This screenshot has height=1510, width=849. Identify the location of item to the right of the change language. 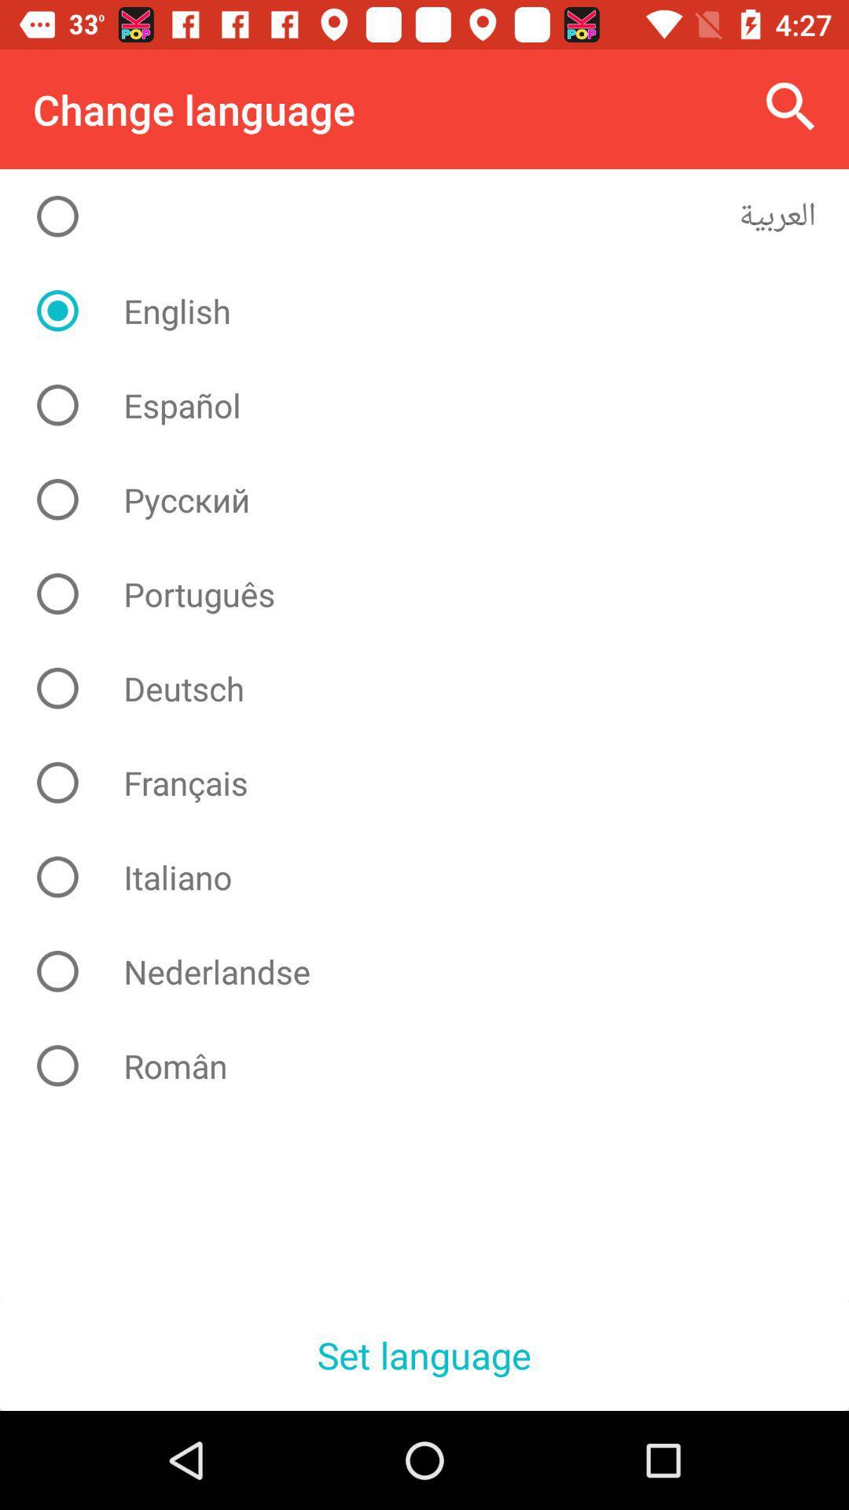
(791, 106).